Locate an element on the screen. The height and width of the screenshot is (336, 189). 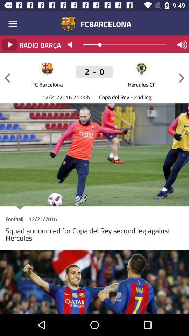
football item is located at coordinates (14, 220).